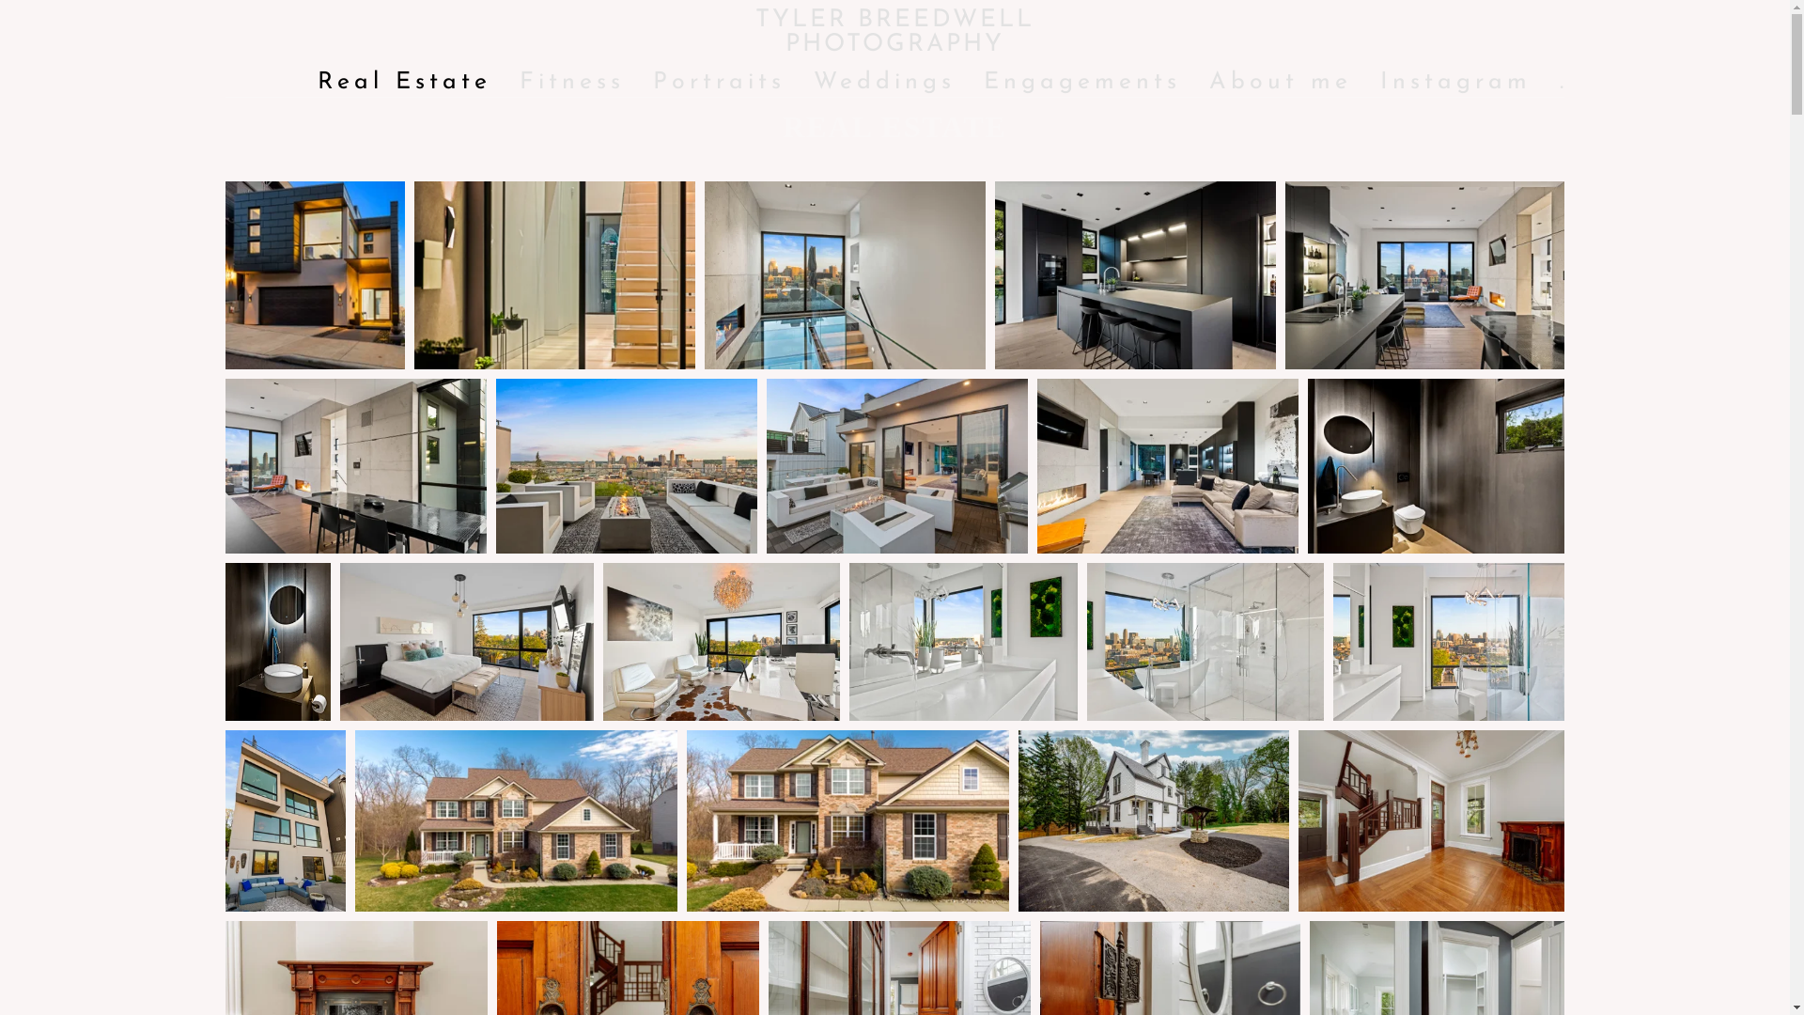 Image resolution: width=1804 pixels, height=1015 pixels. What do you see at coordinates (1082, 81) in the screenshot?
I see `'Engagements'` at bounding box center [1082, 81].